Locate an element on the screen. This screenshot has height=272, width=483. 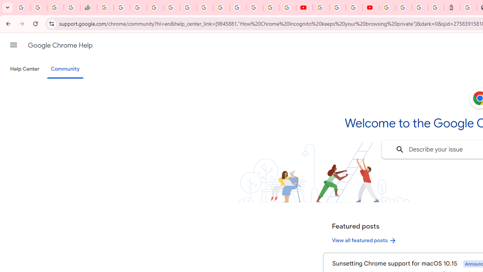
'Google Account Help' is located at coordinates (337, 8).